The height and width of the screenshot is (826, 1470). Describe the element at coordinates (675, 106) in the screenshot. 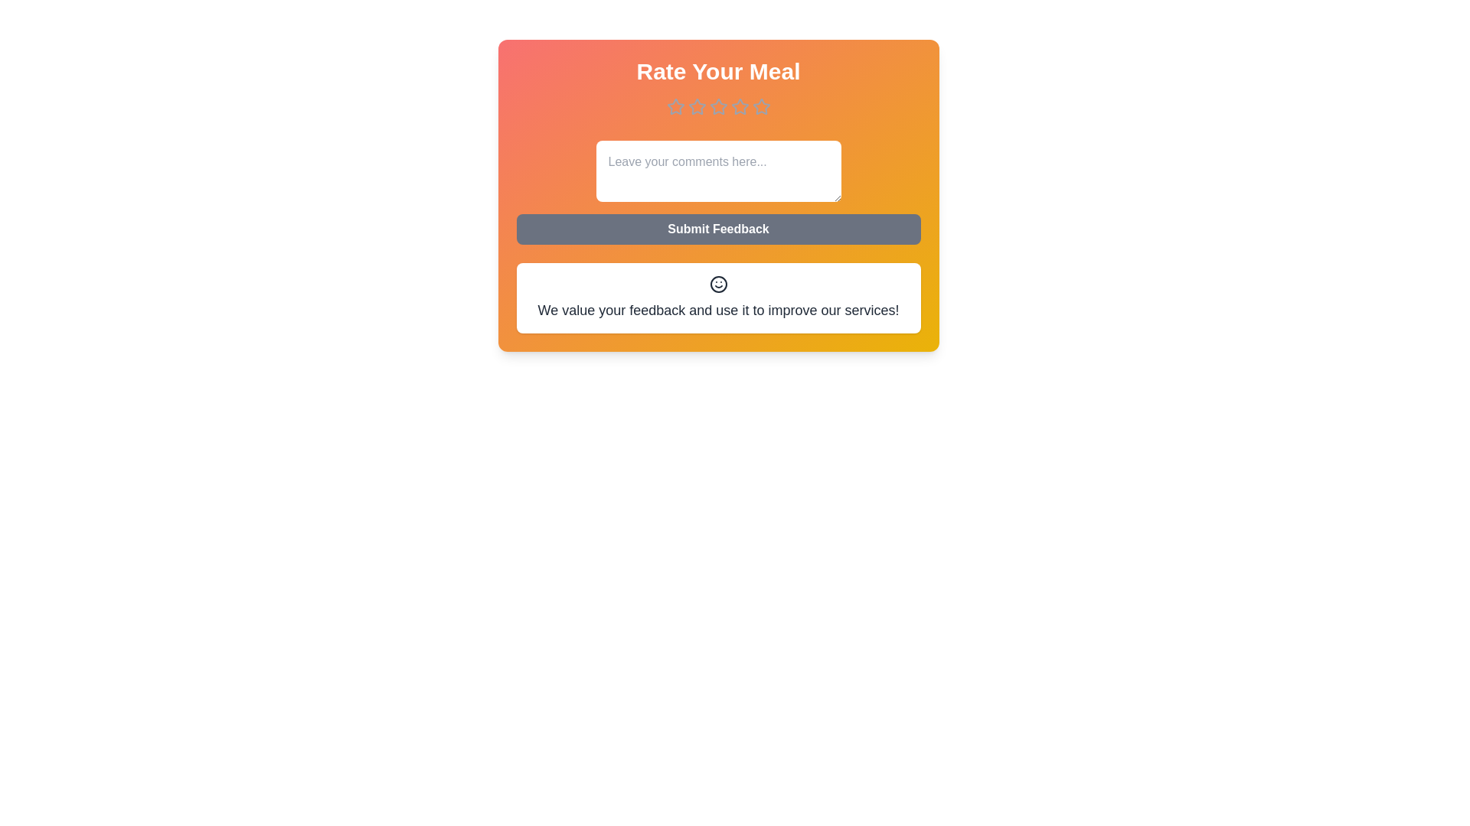

I see `the meal rating to 1 stars by clicking on the corresponding star` at that location.